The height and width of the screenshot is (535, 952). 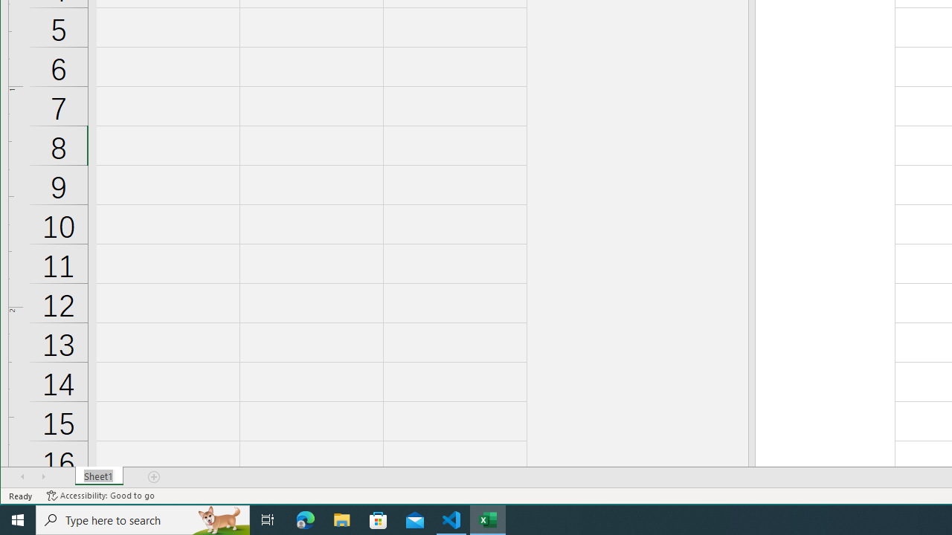 I want to click on 'Search highlights icon opens search home window', so click(x=219, y=519).